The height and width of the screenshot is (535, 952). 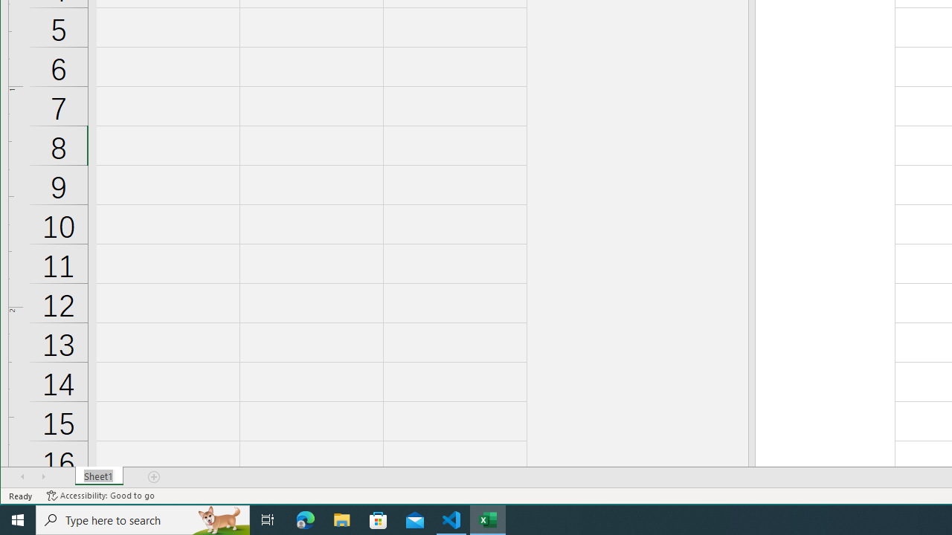 I want to click on 'Search highlights icon opens search home window', so click(x=219, y=519).